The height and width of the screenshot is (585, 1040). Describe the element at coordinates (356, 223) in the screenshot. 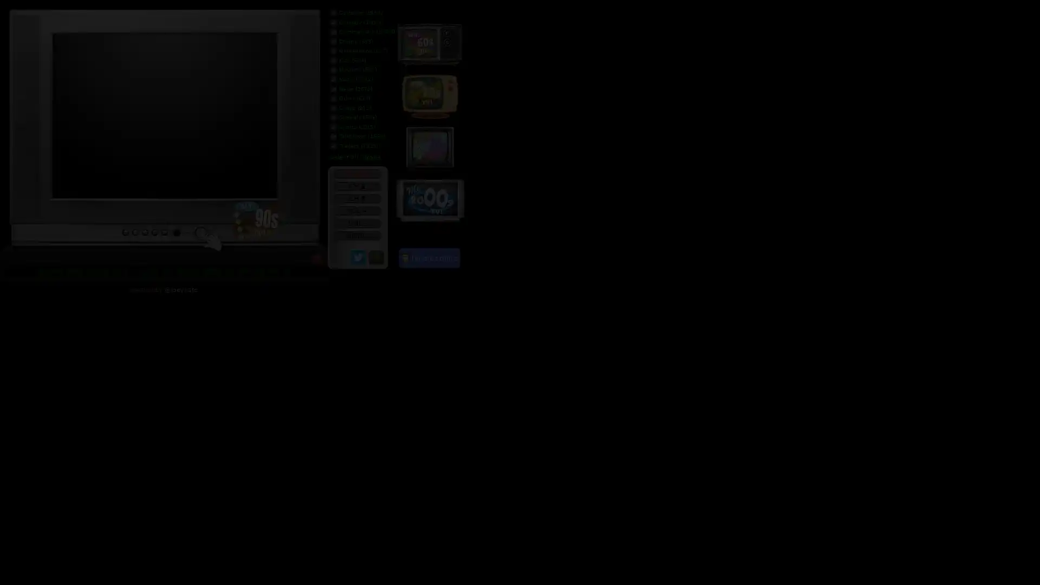

I see `VOL -` at that location.